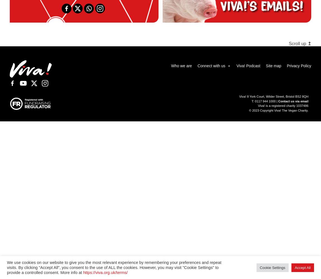  I want to click on '© 2023 Copyright Viva! The Vegan Charity.', so click(249, 110).